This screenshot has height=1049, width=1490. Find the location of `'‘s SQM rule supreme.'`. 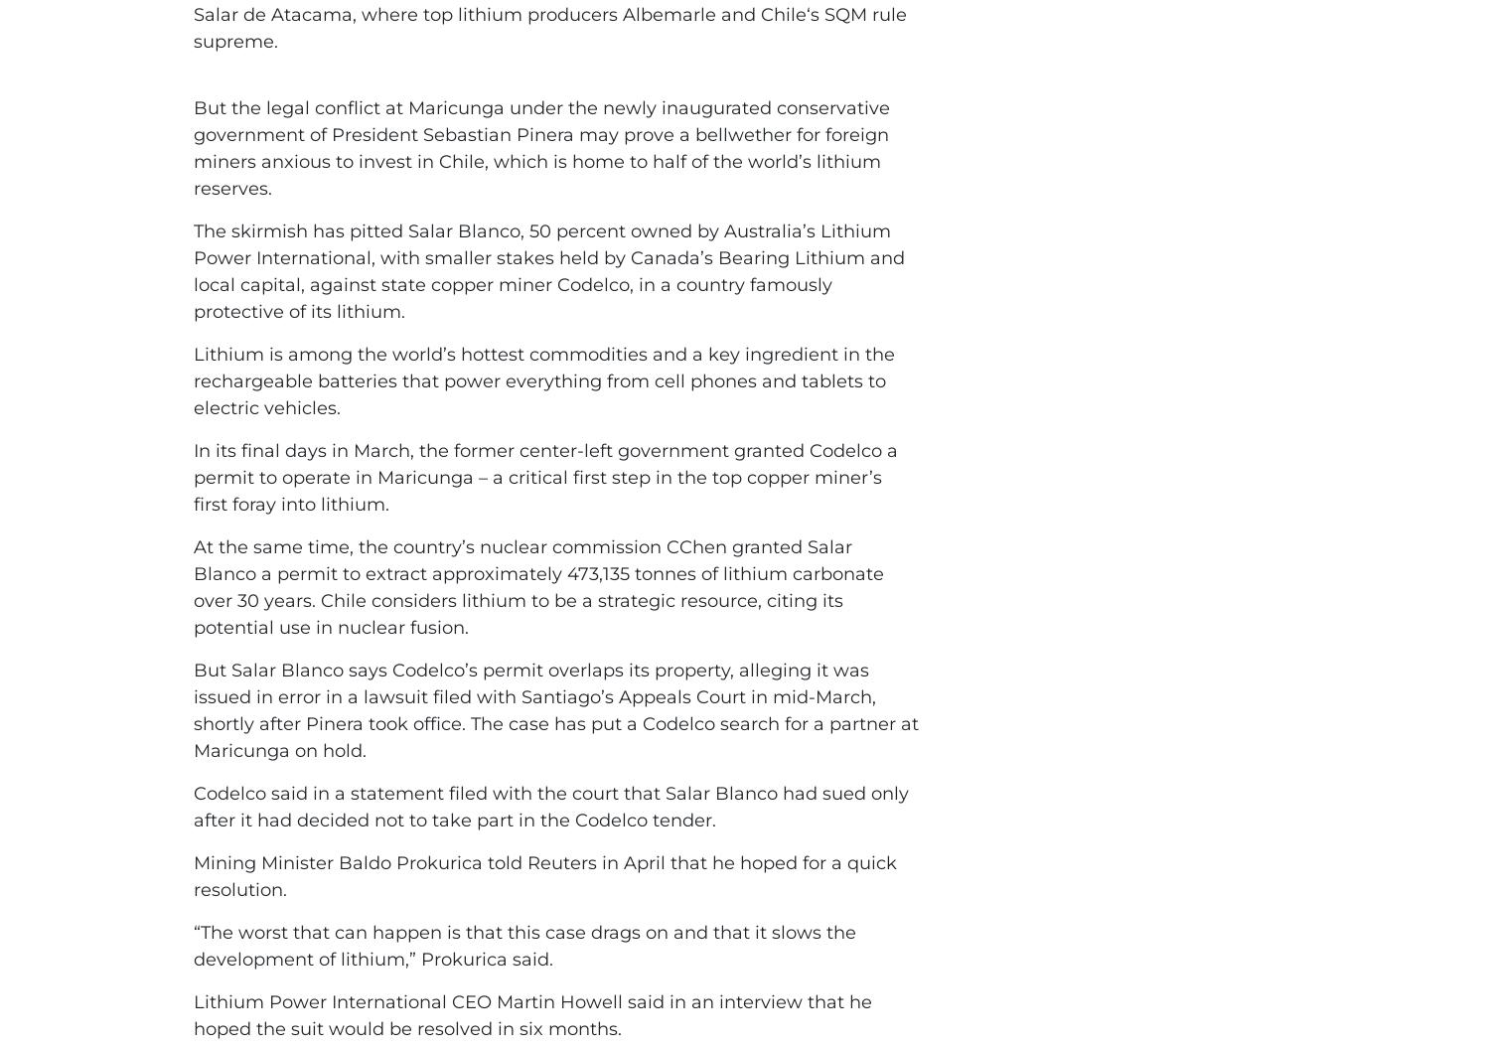

'‘s SQM rule supreme.' is located at coordinates (549, 28).